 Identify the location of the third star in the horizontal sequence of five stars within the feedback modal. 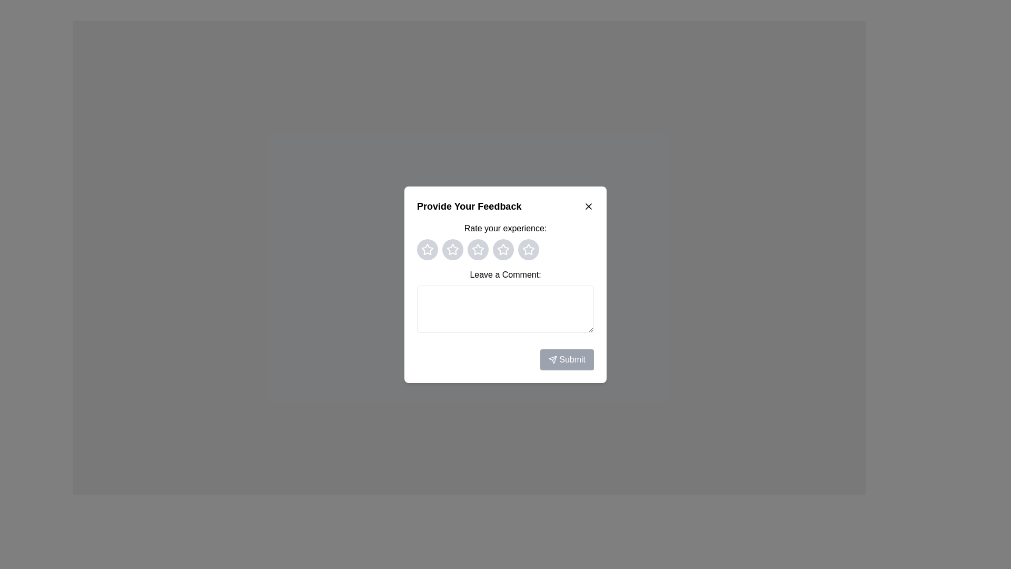
(477, 249).